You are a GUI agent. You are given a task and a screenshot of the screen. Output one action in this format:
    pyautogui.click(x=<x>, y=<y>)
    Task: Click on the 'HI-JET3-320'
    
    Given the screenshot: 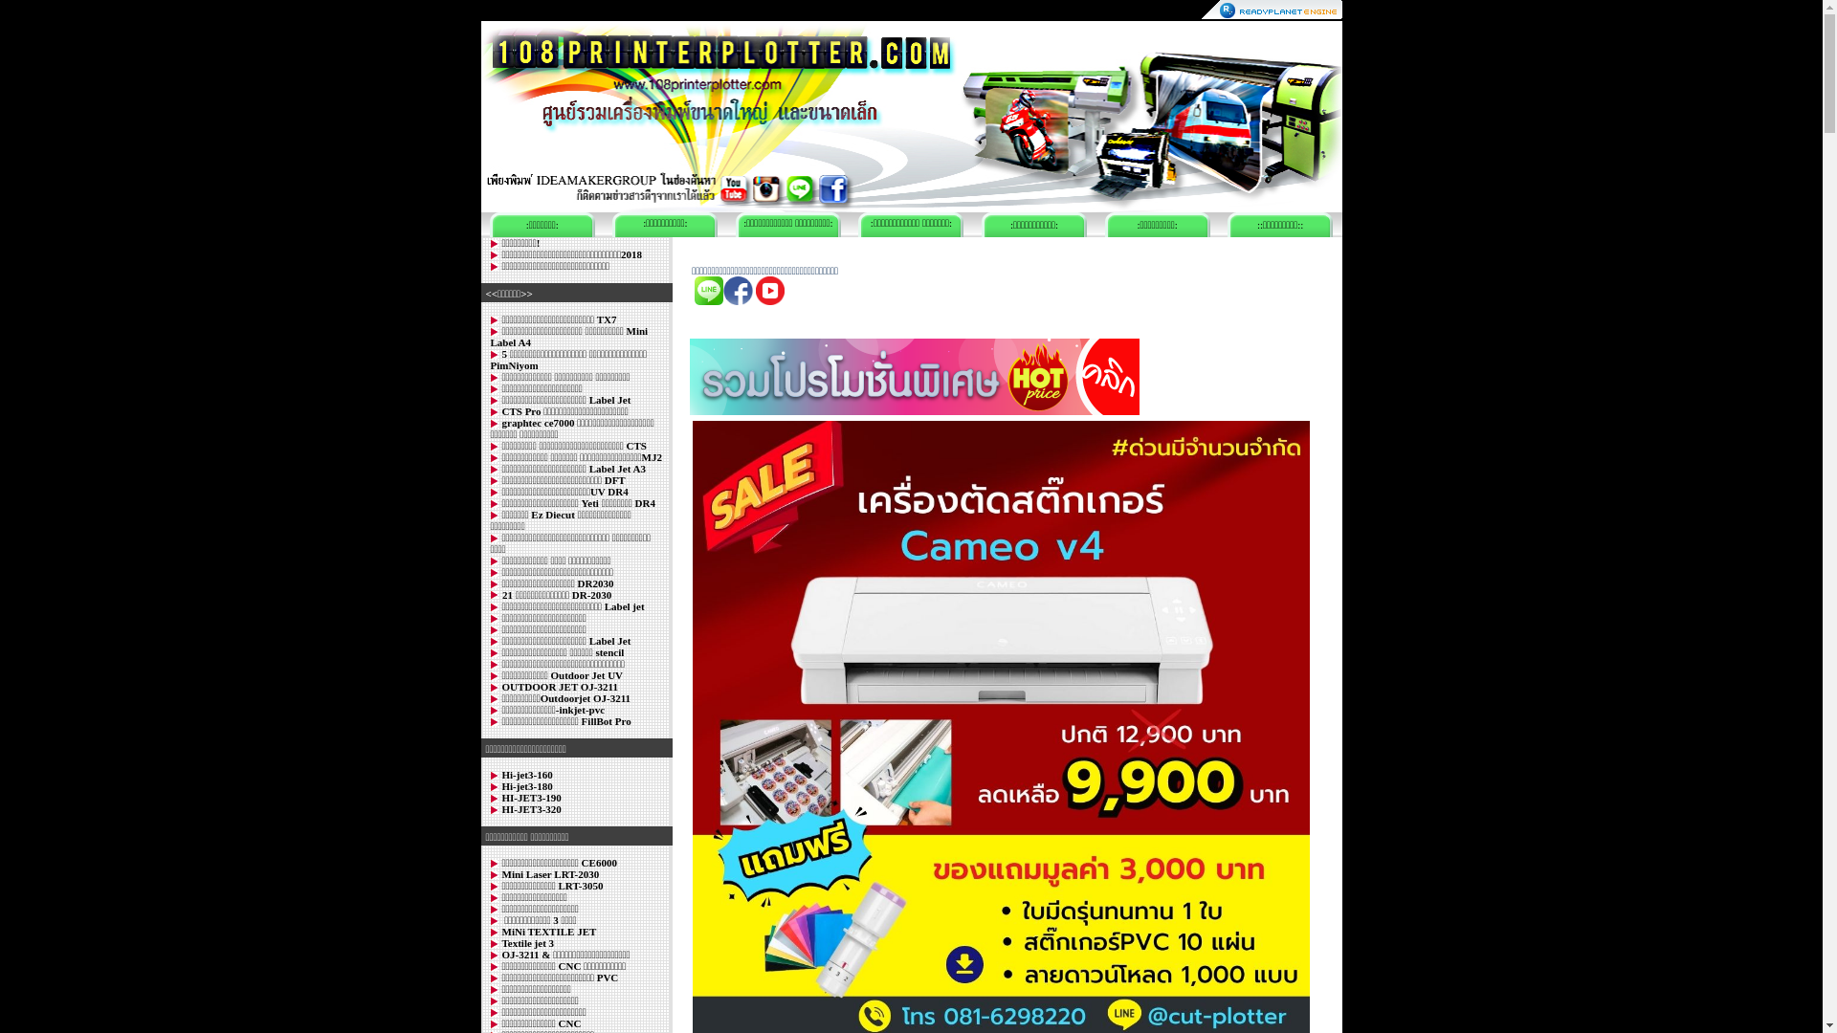 What is the action you would take?
    pyautogui.click(x=500, y=808)
    